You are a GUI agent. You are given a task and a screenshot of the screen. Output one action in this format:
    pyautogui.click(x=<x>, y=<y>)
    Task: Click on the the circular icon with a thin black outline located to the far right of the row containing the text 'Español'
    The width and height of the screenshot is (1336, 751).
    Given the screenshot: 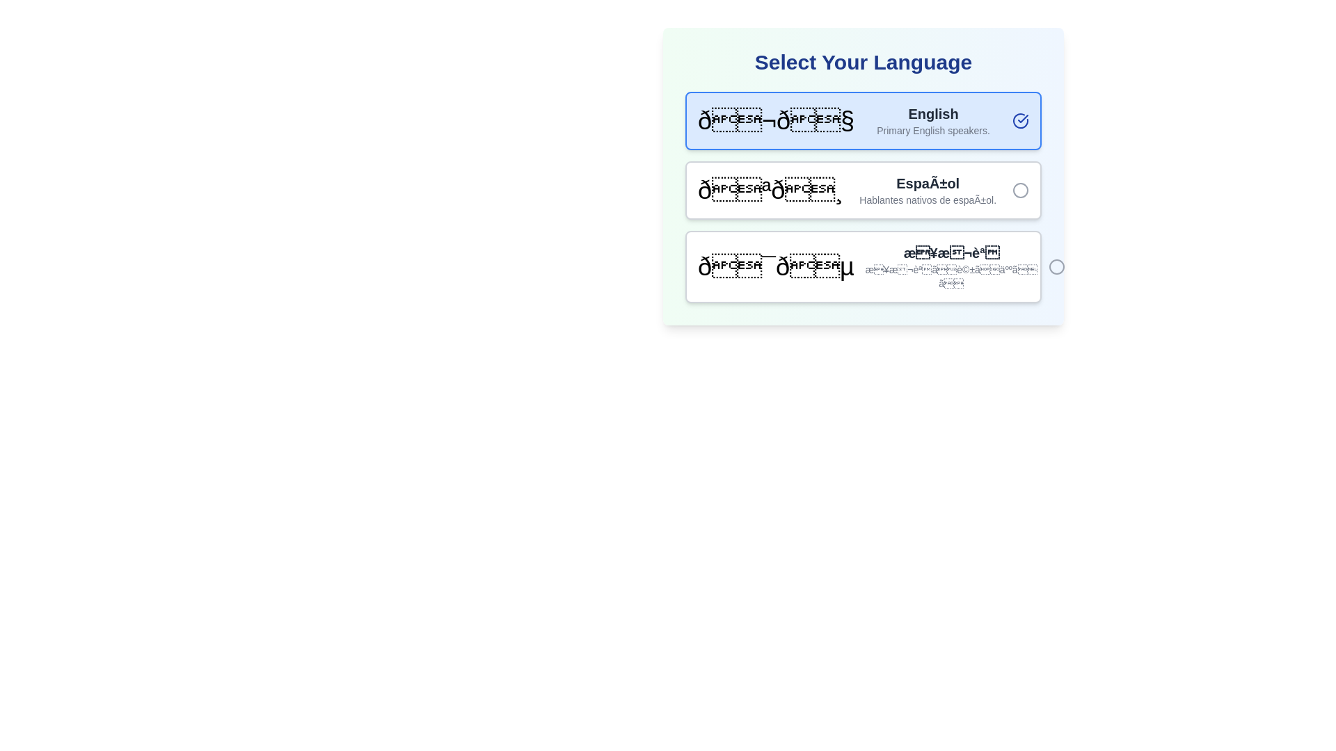 What is the action you would take?
    pyautogui.click(x=1021, y=190)
    